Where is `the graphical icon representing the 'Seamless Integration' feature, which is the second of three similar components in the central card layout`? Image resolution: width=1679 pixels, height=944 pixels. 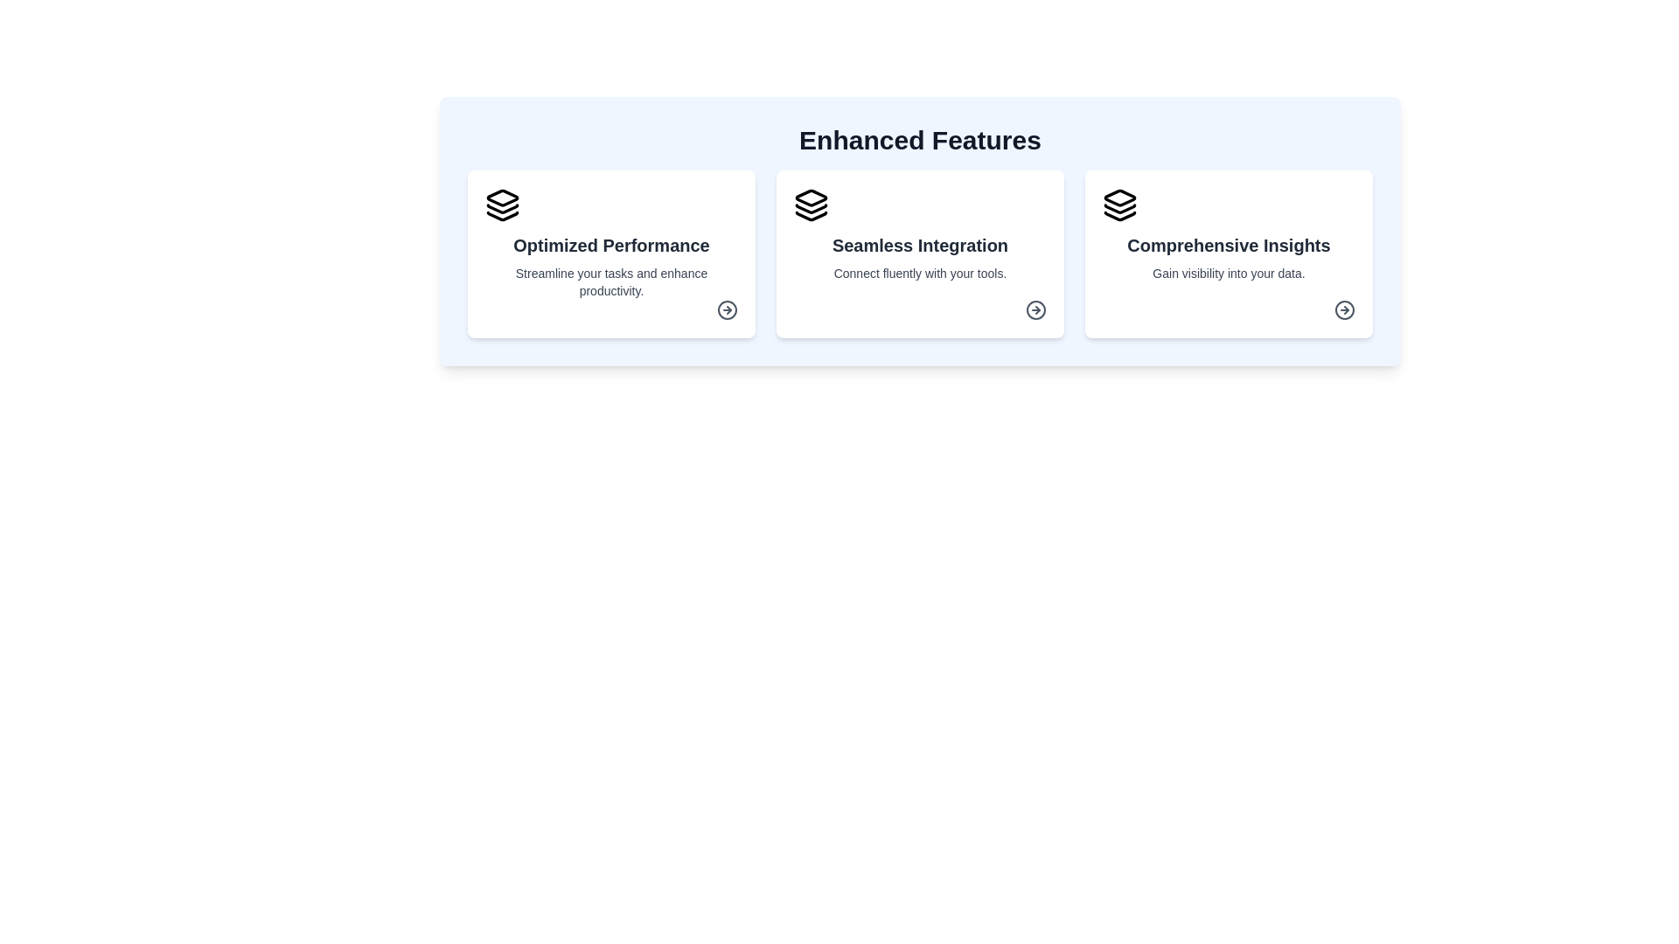 the graphical icon representing the 'Seamless Integration' feature, which is the second of three similar components in the central card layout is located at coordinates (810, 208).